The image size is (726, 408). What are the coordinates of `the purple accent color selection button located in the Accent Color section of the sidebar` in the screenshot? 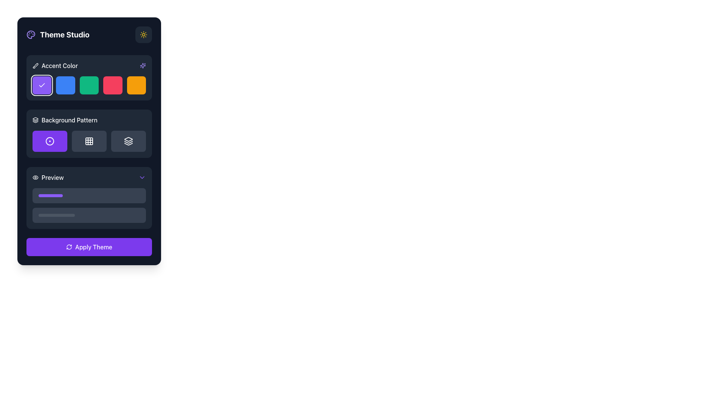 It's located at (42, 85).